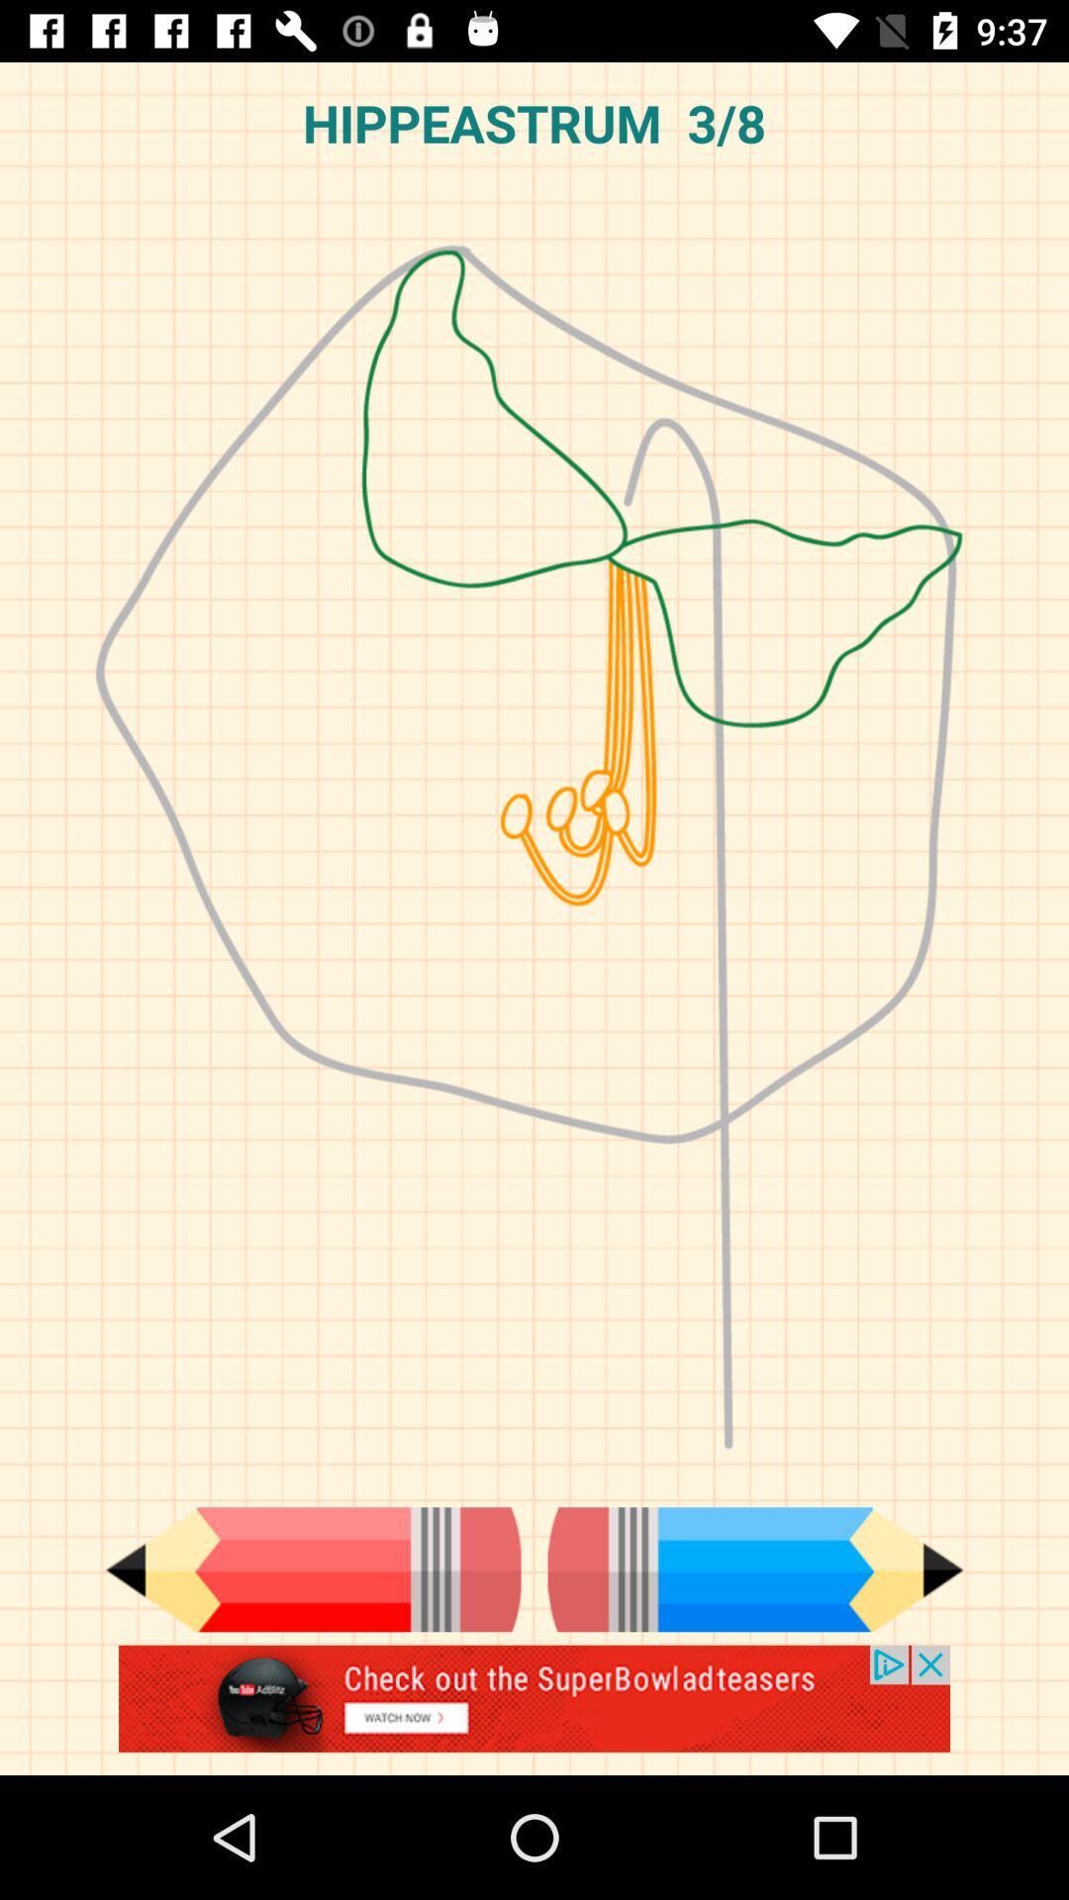  I want to click on go back, so click(312, 1568).